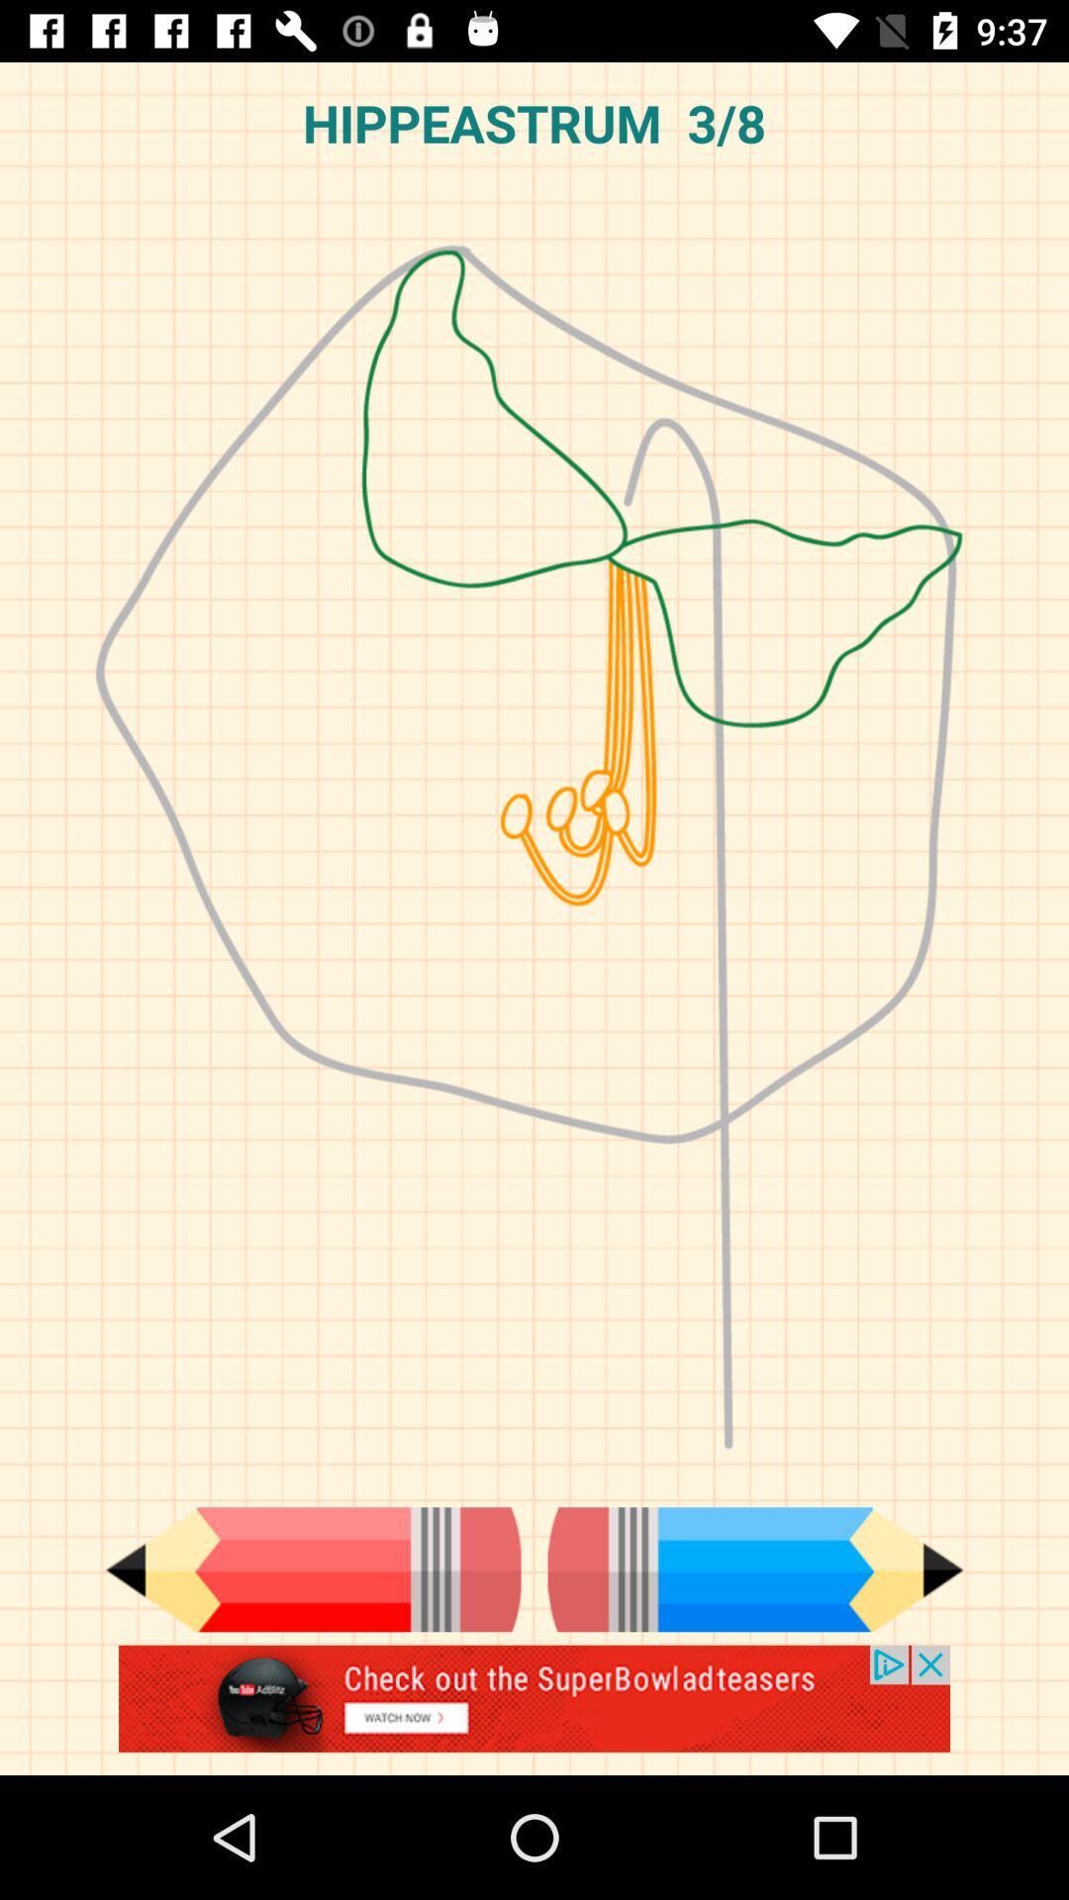  I want to click on go back, so click(312, 1568).